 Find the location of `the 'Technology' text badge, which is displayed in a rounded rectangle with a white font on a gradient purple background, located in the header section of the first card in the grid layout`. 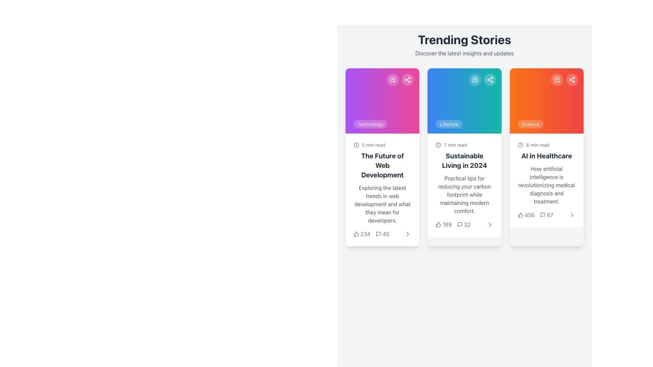

the 'Technology' text badge, which is displayed in a rounded rectangle with a white font on a gradient purple background, located in the header section of the first card in the grid layout is located at coordinates (370, 124).